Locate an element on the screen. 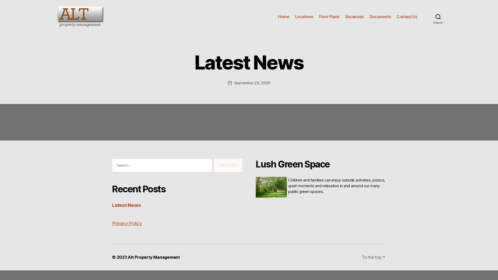 The height and width of the screenshot is (280, 498). 'Search' is located at coordinates (438, 16).